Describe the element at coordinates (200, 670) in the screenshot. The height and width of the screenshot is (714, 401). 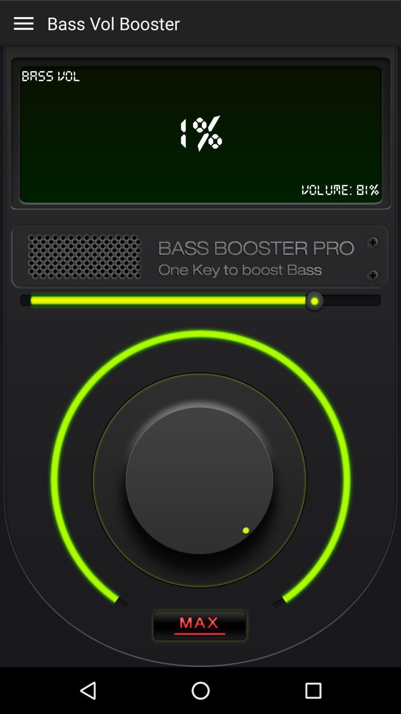
I see `the book icon` at that location.